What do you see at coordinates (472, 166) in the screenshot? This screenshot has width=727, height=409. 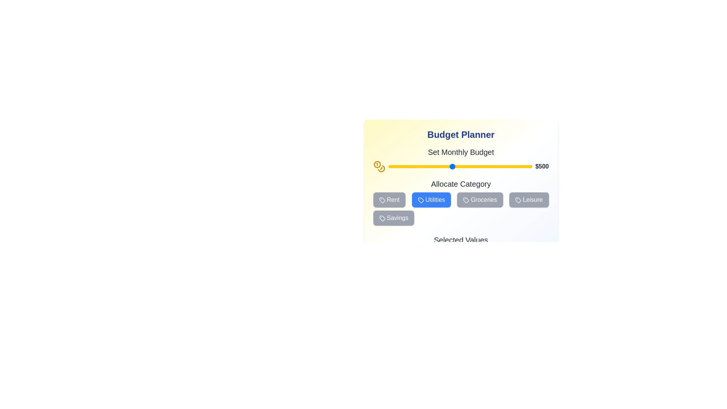 I see `the slider` at bounding box center [472, 166].